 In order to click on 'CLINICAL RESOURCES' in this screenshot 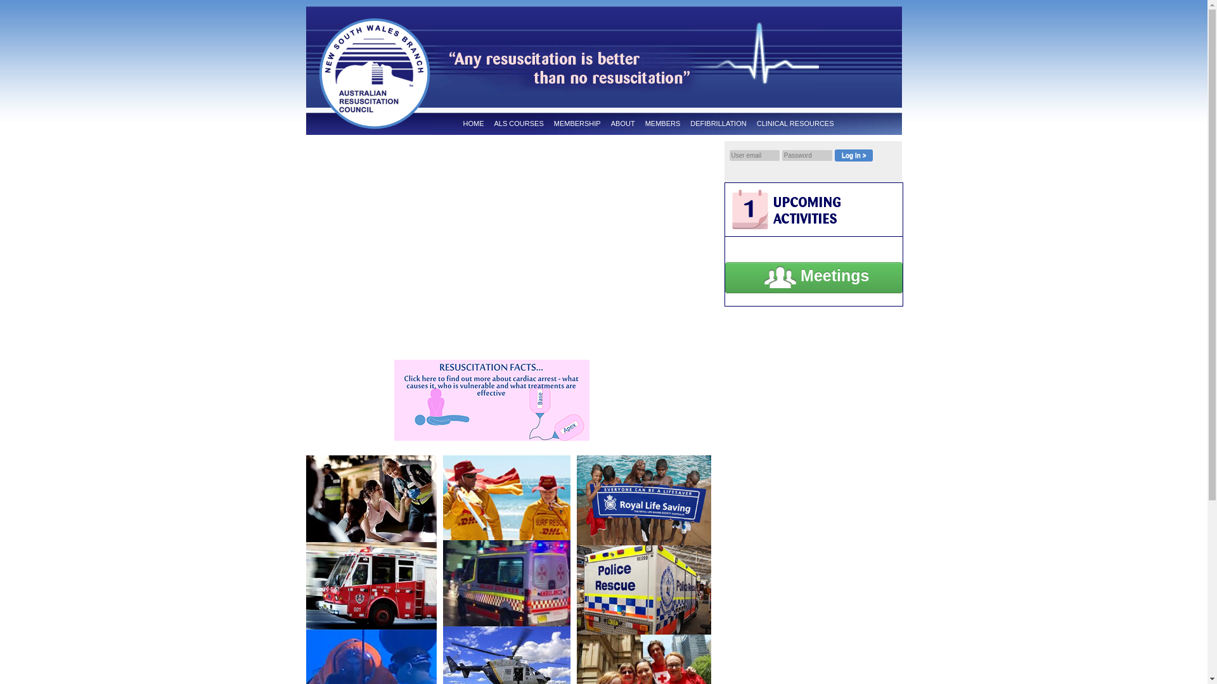, I will do `click(751, 123)`.